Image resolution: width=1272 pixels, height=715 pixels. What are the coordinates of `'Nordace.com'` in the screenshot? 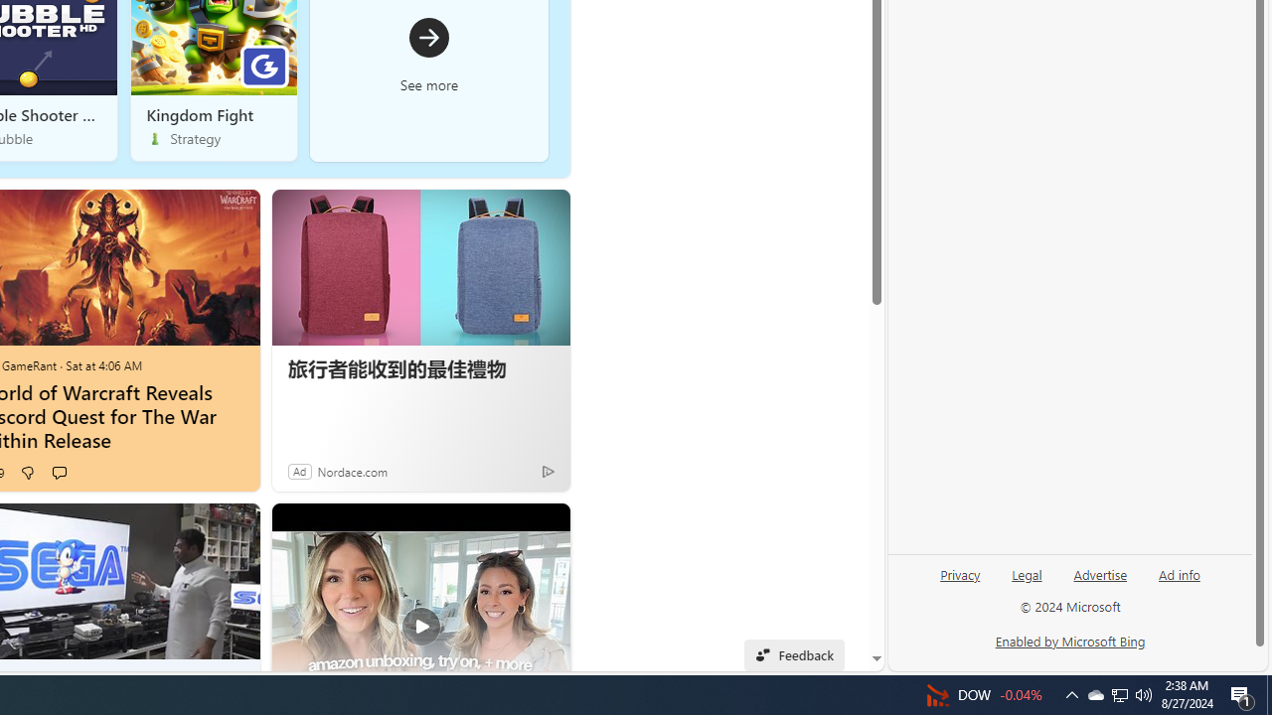 It's located at (352, 471).